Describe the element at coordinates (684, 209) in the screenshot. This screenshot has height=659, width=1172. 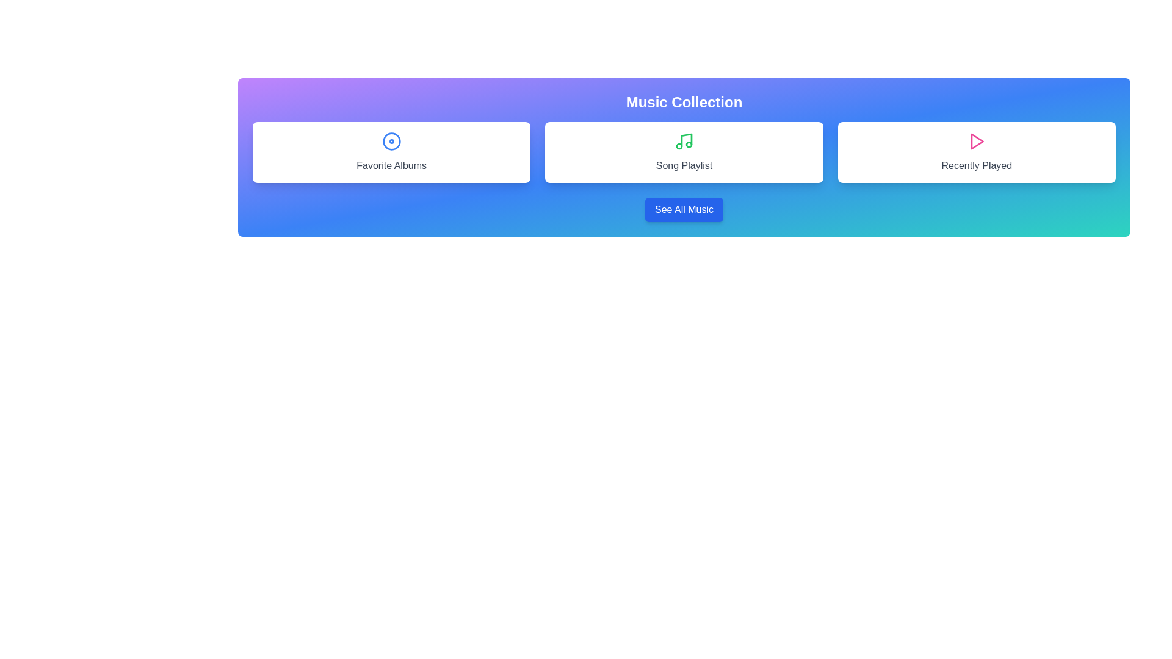
I see `the navigation button located at the bottom center of the 'Music Collection' section` at that location.